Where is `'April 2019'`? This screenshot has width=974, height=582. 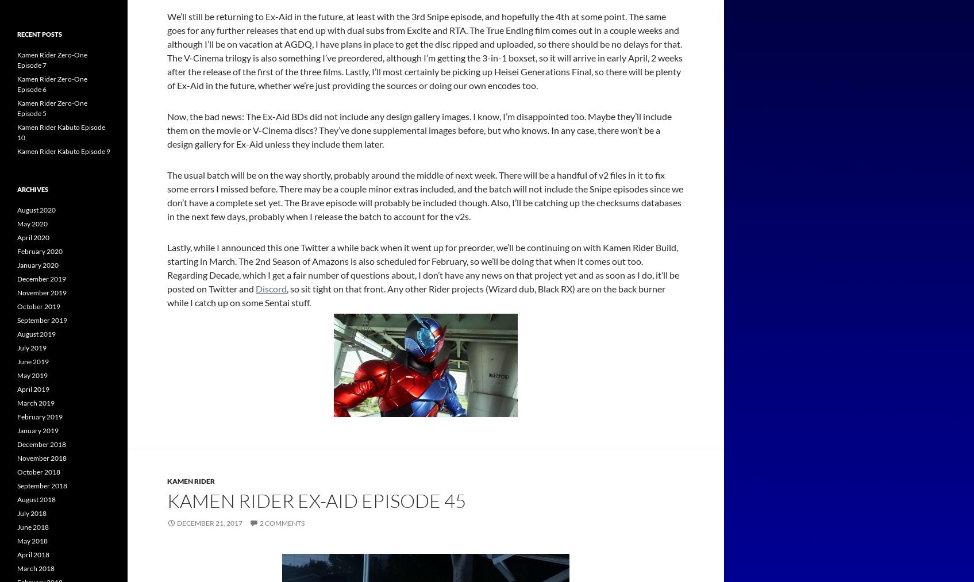 'April 2019' is located at coordinates (33, 388).